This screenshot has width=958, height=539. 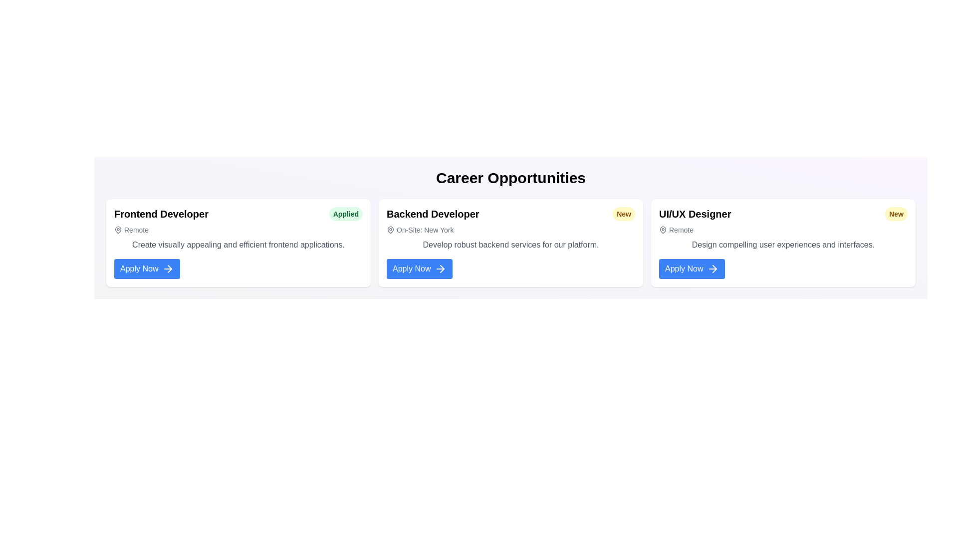 I want to click on the large, bold heading displaying 'Career Opportunities', which is centrally positioned above job listings, so click(x=510, y=178).